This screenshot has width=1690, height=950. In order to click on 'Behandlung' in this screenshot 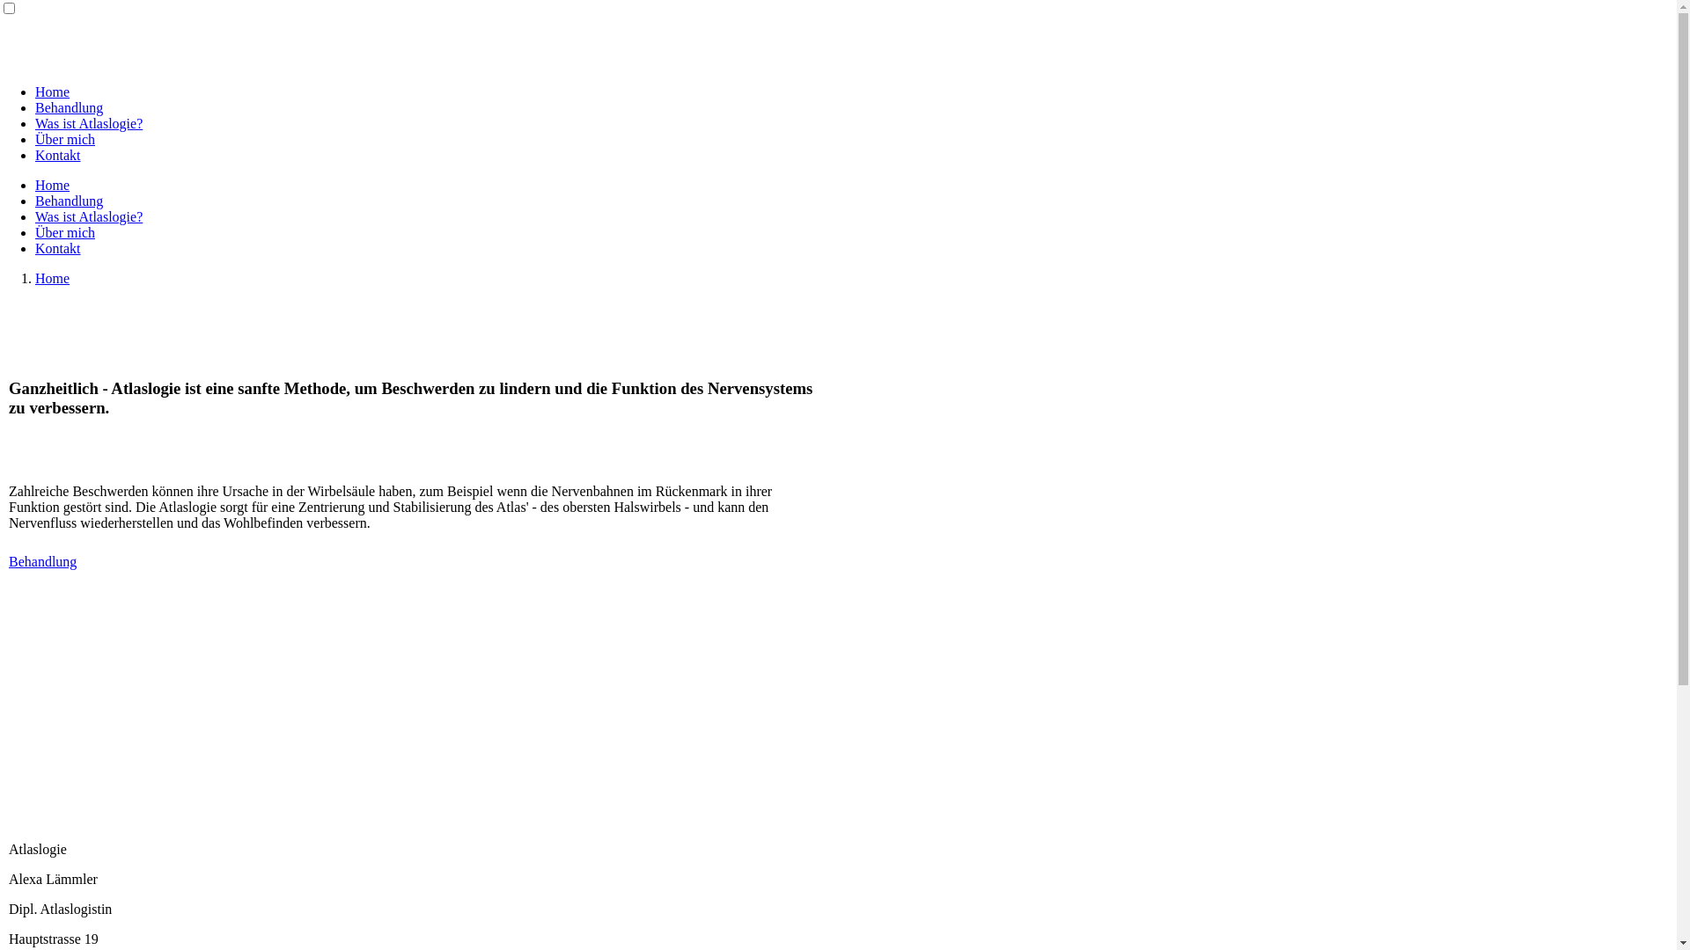, I will do `click(69, 200)`.